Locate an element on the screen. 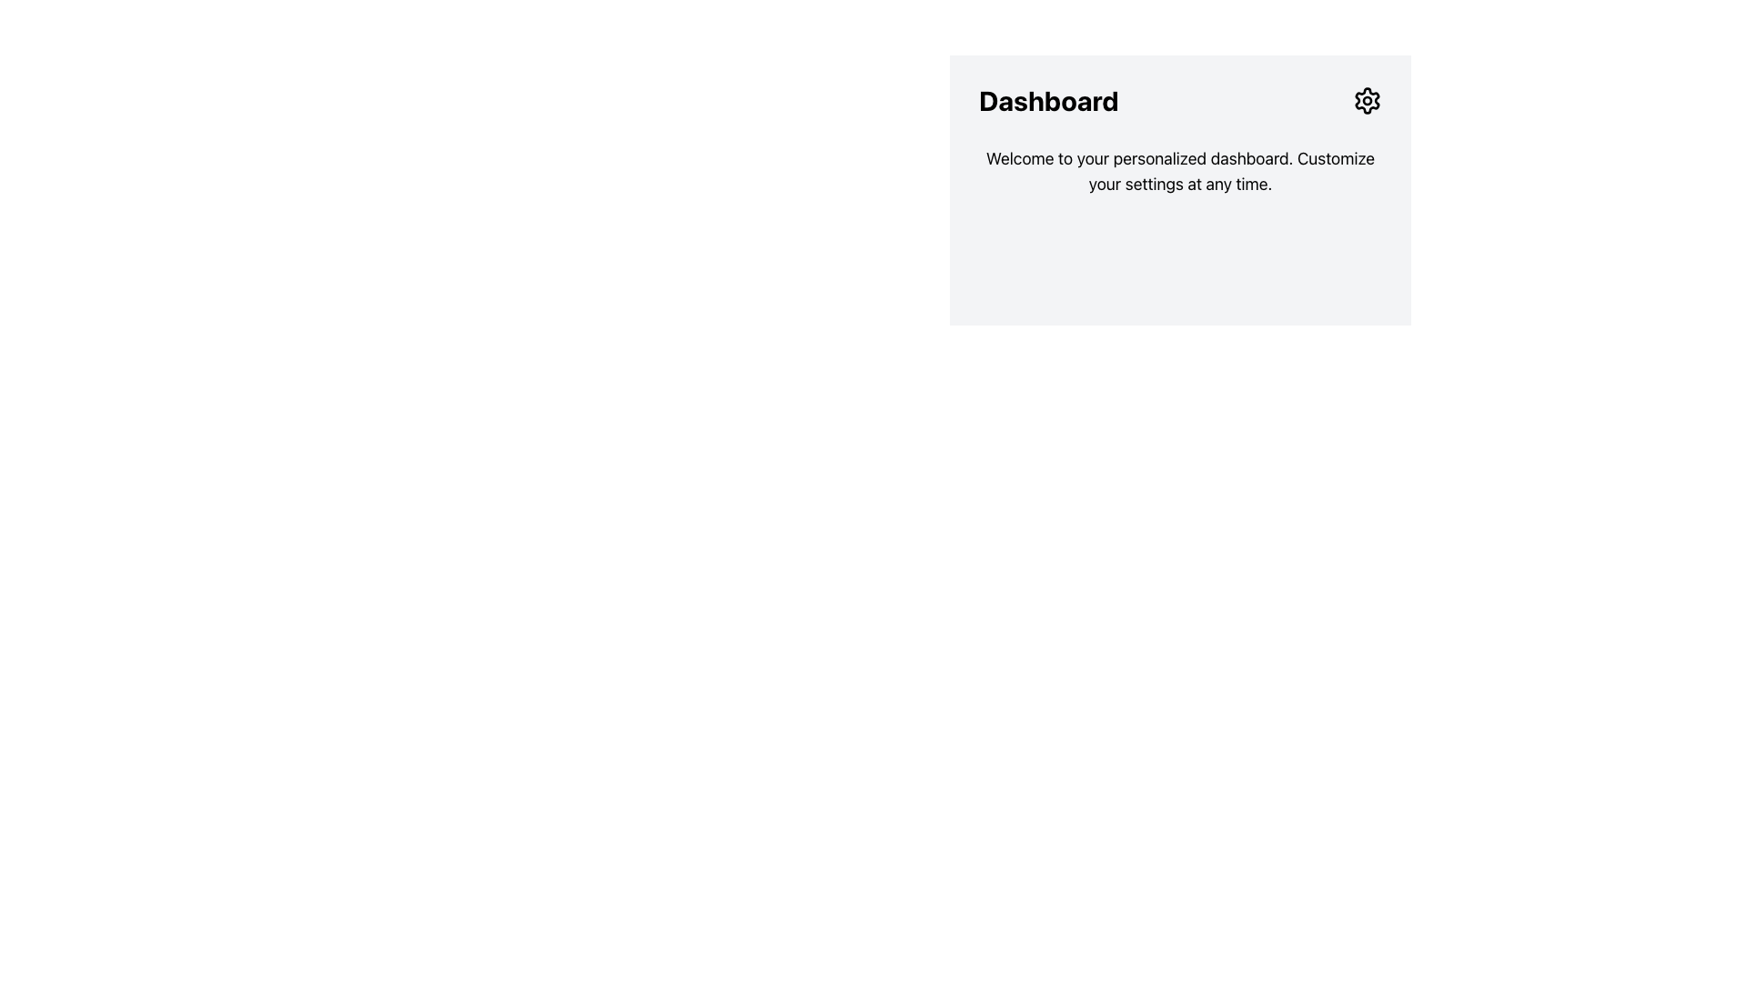 Image resolution: width=1747 pixels, height=982 pixels. the gear icon button located at the right end of the 'Dashboard' header section is located at coordinates (1367, 101).